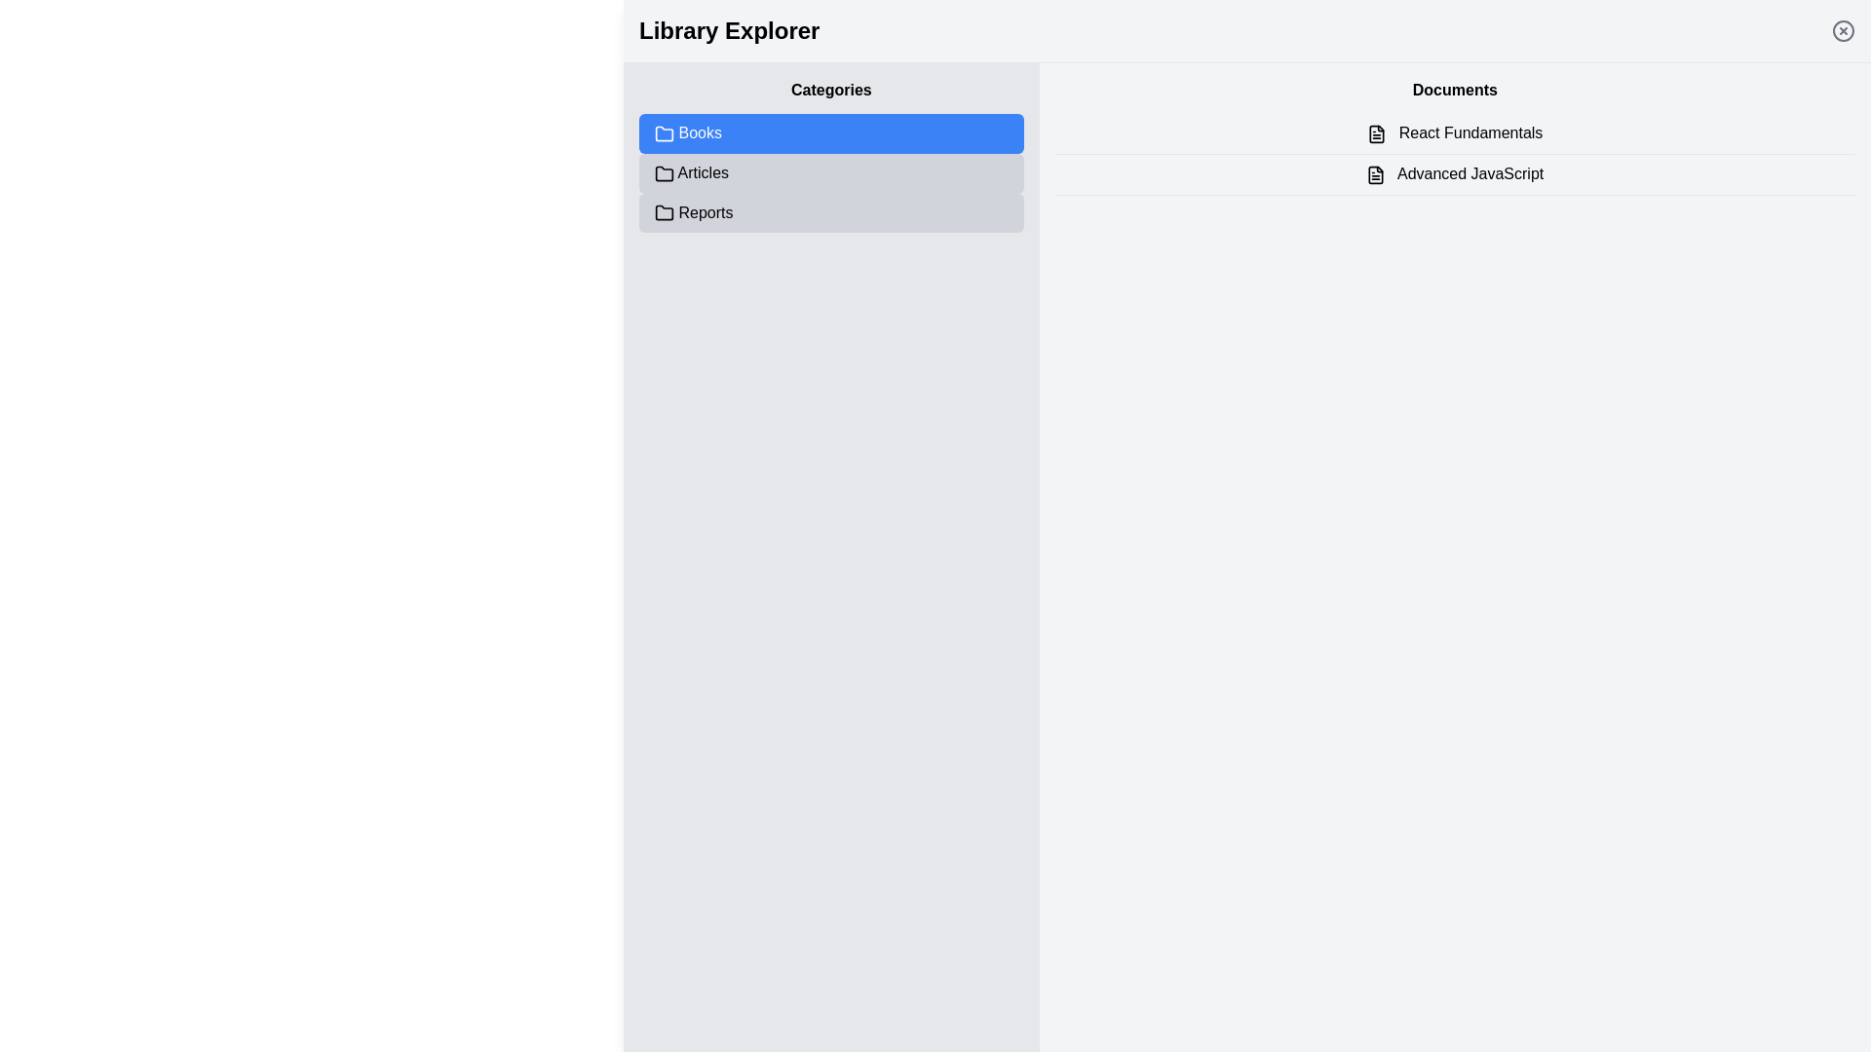  Describe the element at coordinates (831, 132) in the screenshot. I see `the 'Books' button` at that location.